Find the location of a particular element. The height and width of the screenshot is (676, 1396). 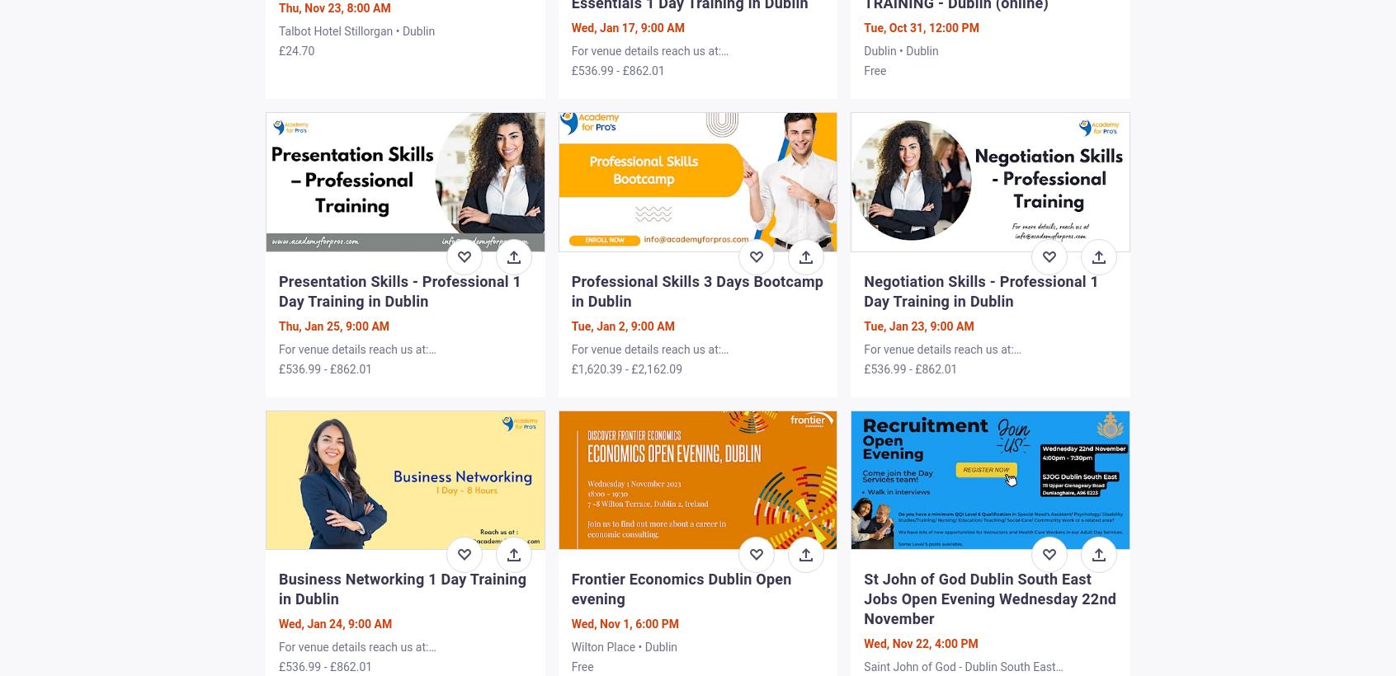

'St John of God Dublin South East Jobs Open Evening Wednesday 22nd November' is located at coordinates (988, 597).